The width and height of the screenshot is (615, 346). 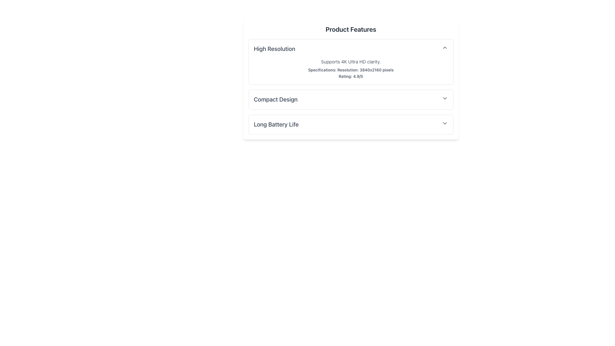 I want to click on the icon that toggles the visibility of additional content related to 'Long Battery Life', so click(x=444, y=123).